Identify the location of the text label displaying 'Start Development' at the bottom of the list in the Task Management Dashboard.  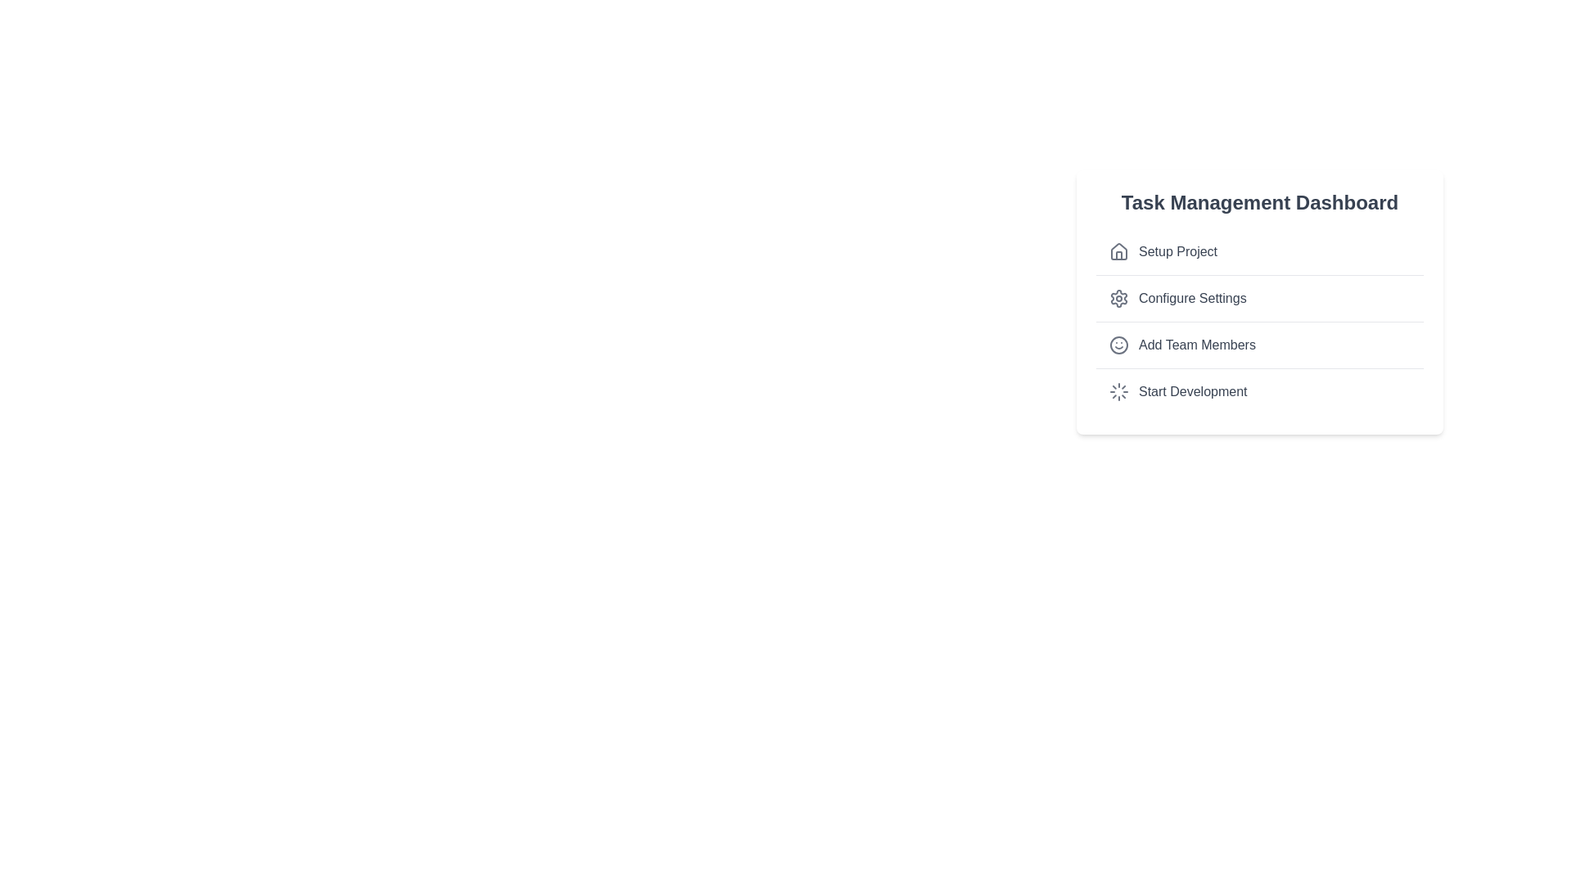
(1193, 391).